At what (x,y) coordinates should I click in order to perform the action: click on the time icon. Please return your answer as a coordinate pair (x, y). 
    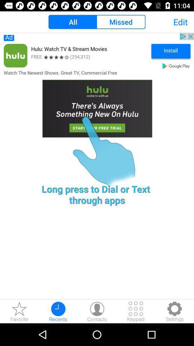
    Looking at the image, I should click on (58, 311).